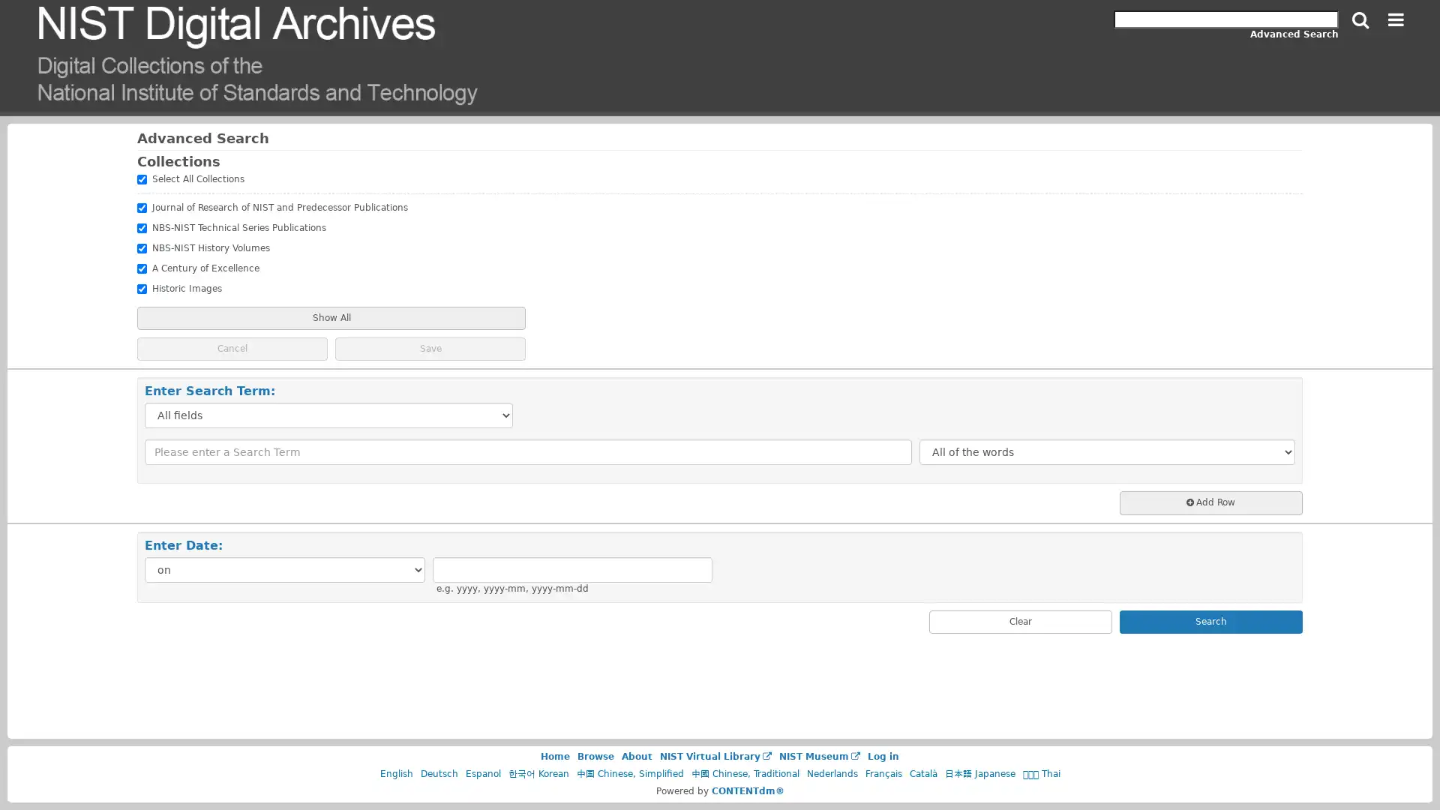 This screenshot has height=810, width=1440. What do you see at coordinates (232, 348) in the screenshot?
I see `Cancel` at bounding box center [232, 348].